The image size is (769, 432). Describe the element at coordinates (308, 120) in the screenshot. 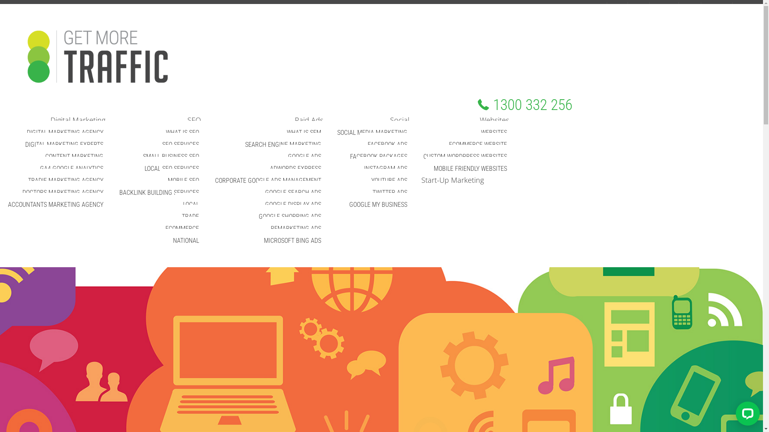

I see `'Paid Ads'` at that location.